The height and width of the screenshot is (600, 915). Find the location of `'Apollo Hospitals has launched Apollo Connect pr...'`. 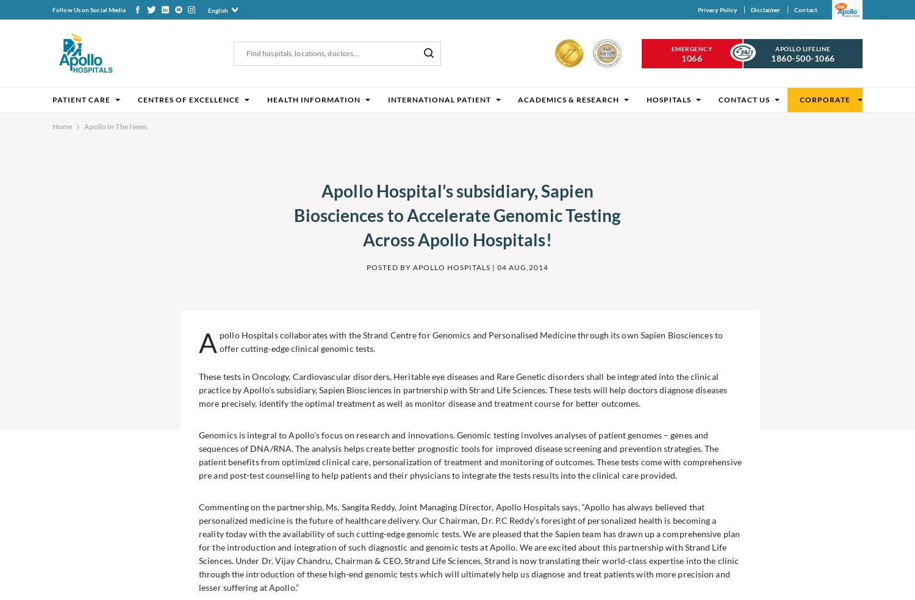

'Apollo Hospitals has launched Apollo Connect pr...' is located at coordinates (725, 468).